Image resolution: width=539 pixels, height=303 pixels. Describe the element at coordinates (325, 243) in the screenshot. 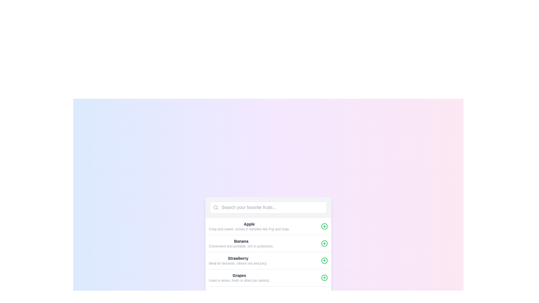

I see `SVG circle element with a green stroke that forms part of the 'plus' symbol icon located to the right of the 'Banana' text` at that location.